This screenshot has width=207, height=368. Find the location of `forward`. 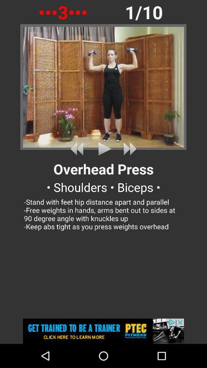

forward is located at coordinates (128, 148).